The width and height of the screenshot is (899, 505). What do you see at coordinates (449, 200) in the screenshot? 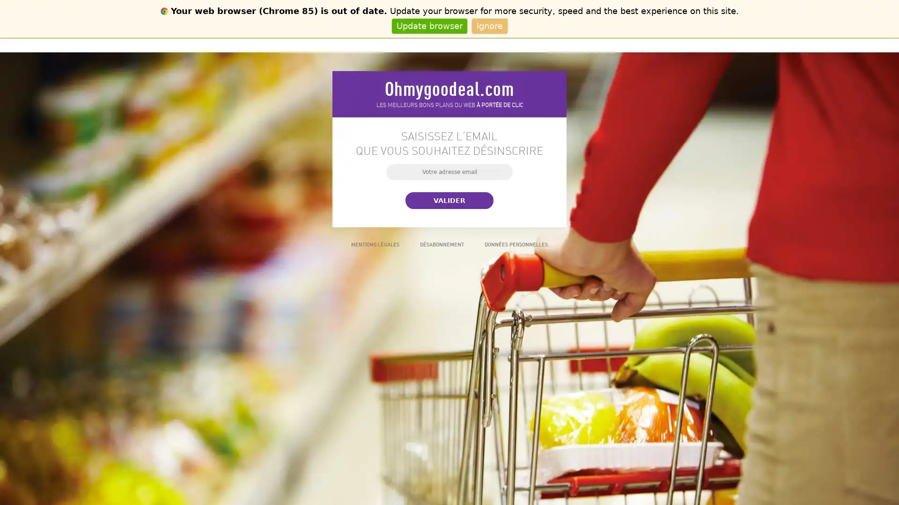
I see `Valider` at bounding box center [449, 200].